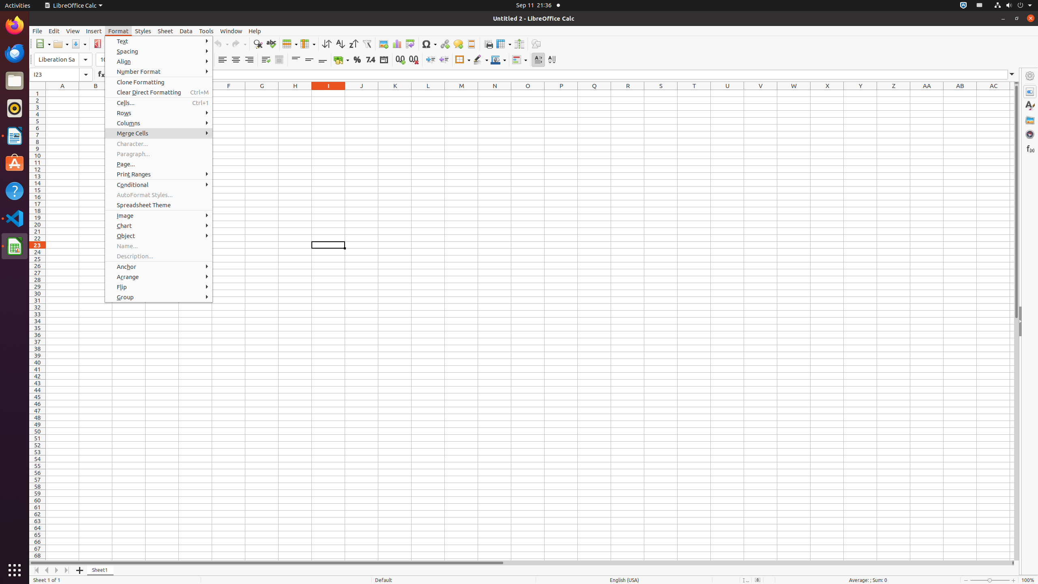  What do you see at coordinates (1012, 74) in the screenshot?
I see `'Expand Formula Bar'` at bounding box center [1012, 74].